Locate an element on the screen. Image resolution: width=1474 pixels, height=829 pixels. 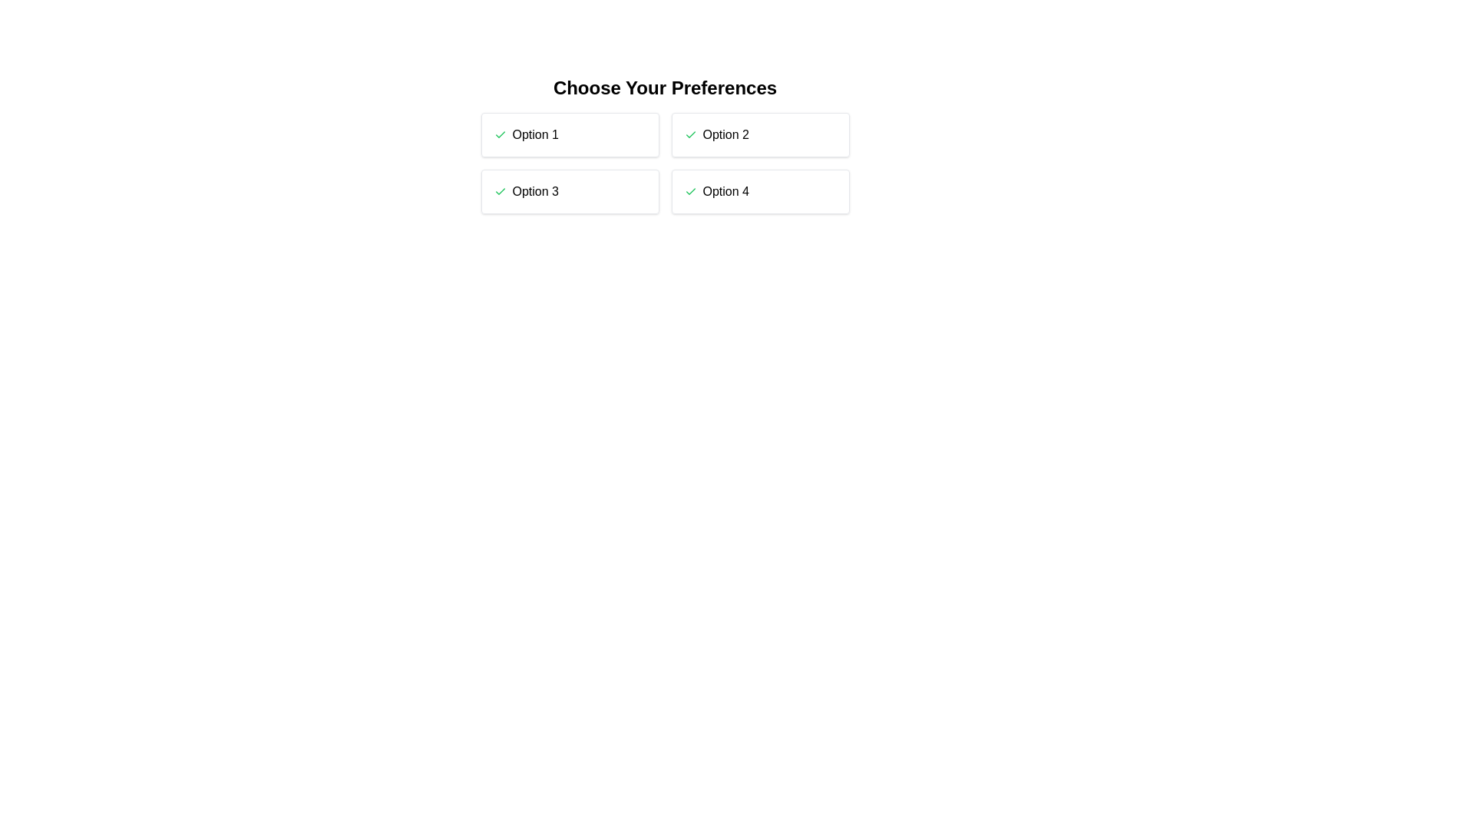
the text label of the option Option 1 is located at coordinates (535, 134).